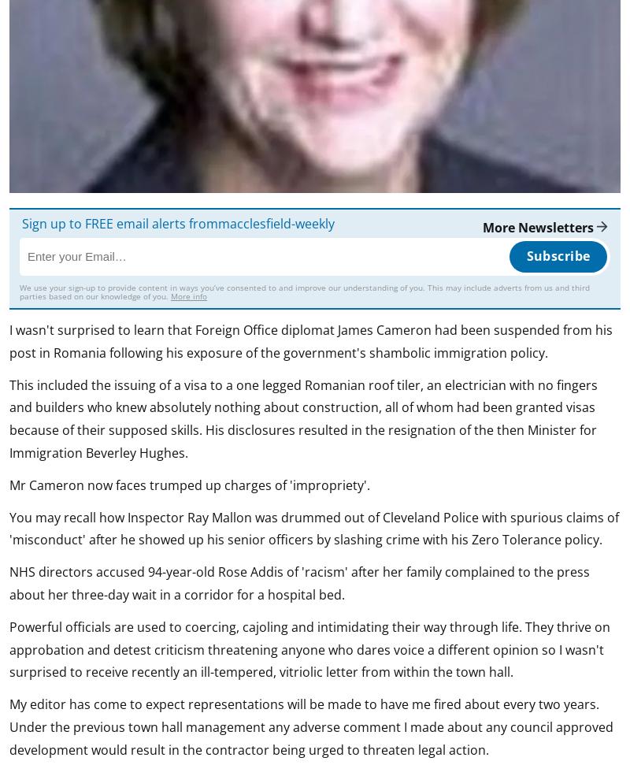 The image size is (630, 765). I want to click on 'We use your sign-up to provide content in ways you’ve consented to and improve our understanding of you. This may include adverts from us and third parties based on our knowledge of you.', so click(304, 291).